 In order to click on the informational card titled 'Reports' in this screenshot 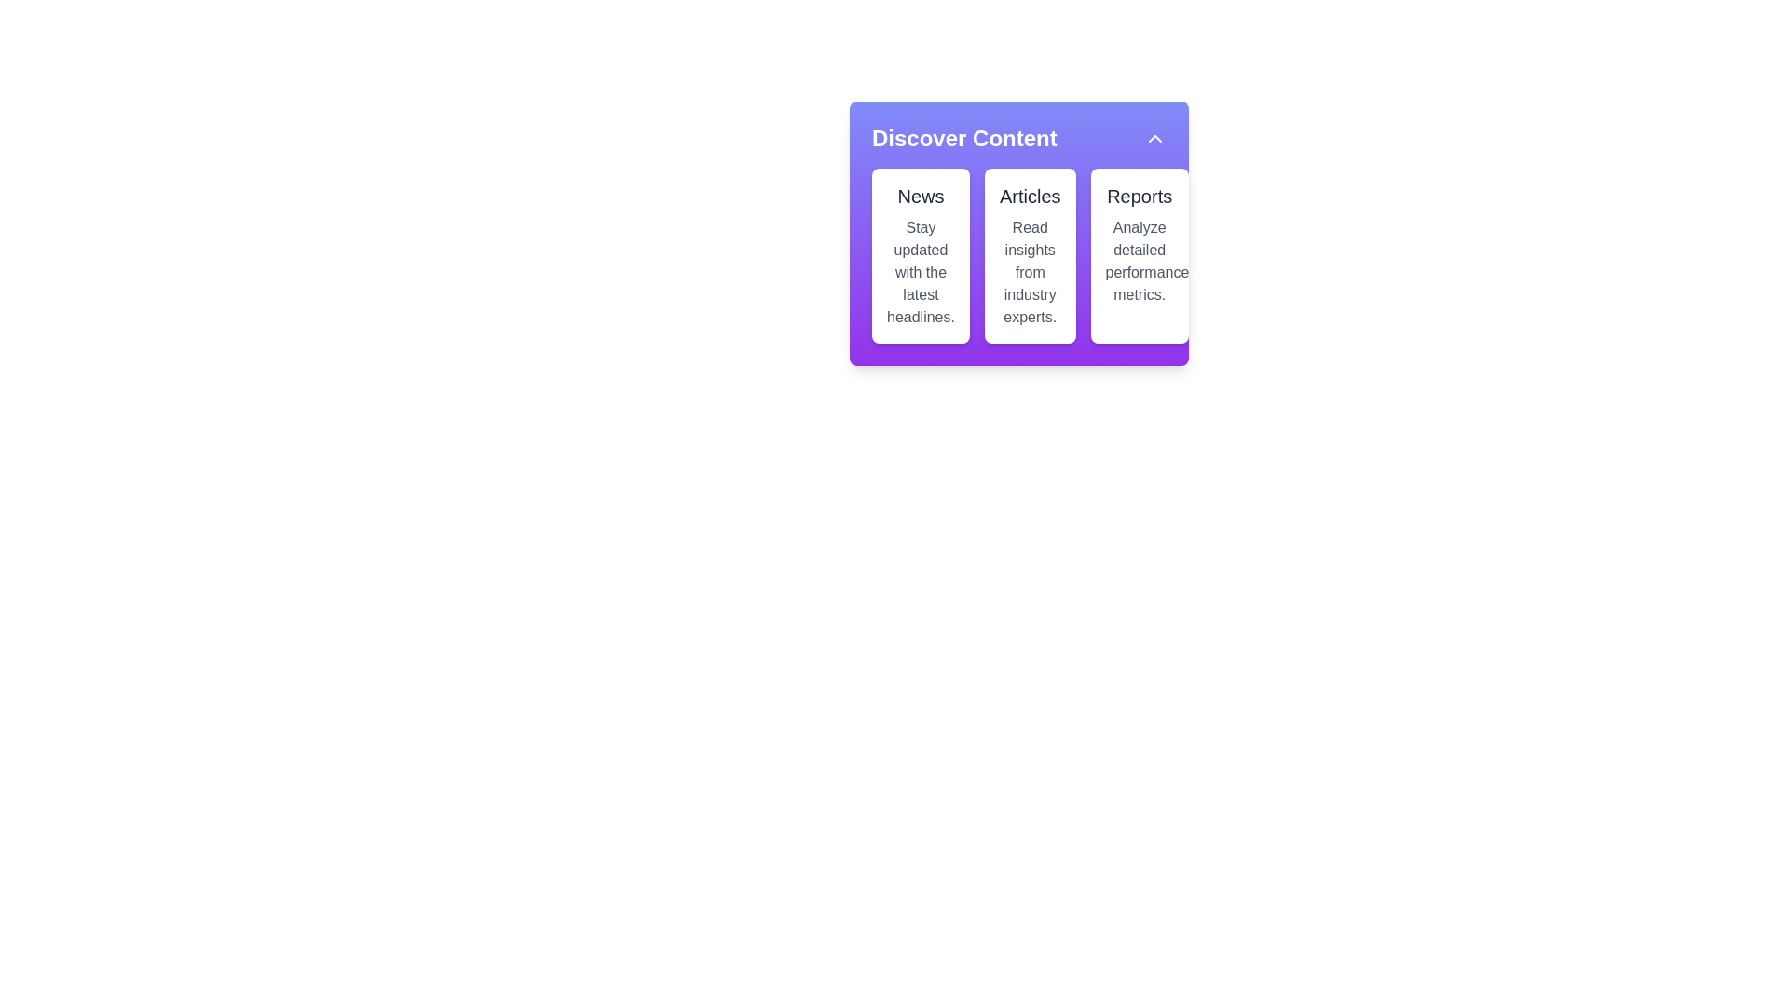, I will do `click(1139, 255)`.